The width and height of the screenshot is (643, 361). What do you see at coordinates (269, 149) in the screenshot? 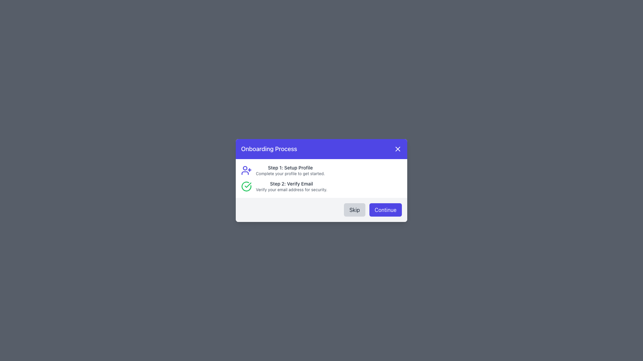
I see `the static text label displaying 'Onboarding Process' in a bold white font on a purple background, positioned at the left-center of the header area within the dialog box` at bounding box center [269, 149].